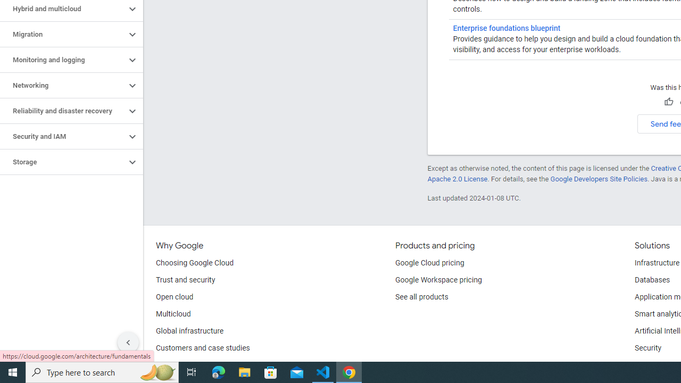  Describe the element at coordinates (438, 280) in the screenshot. I see `'Google Workspace pricing'` at that location.